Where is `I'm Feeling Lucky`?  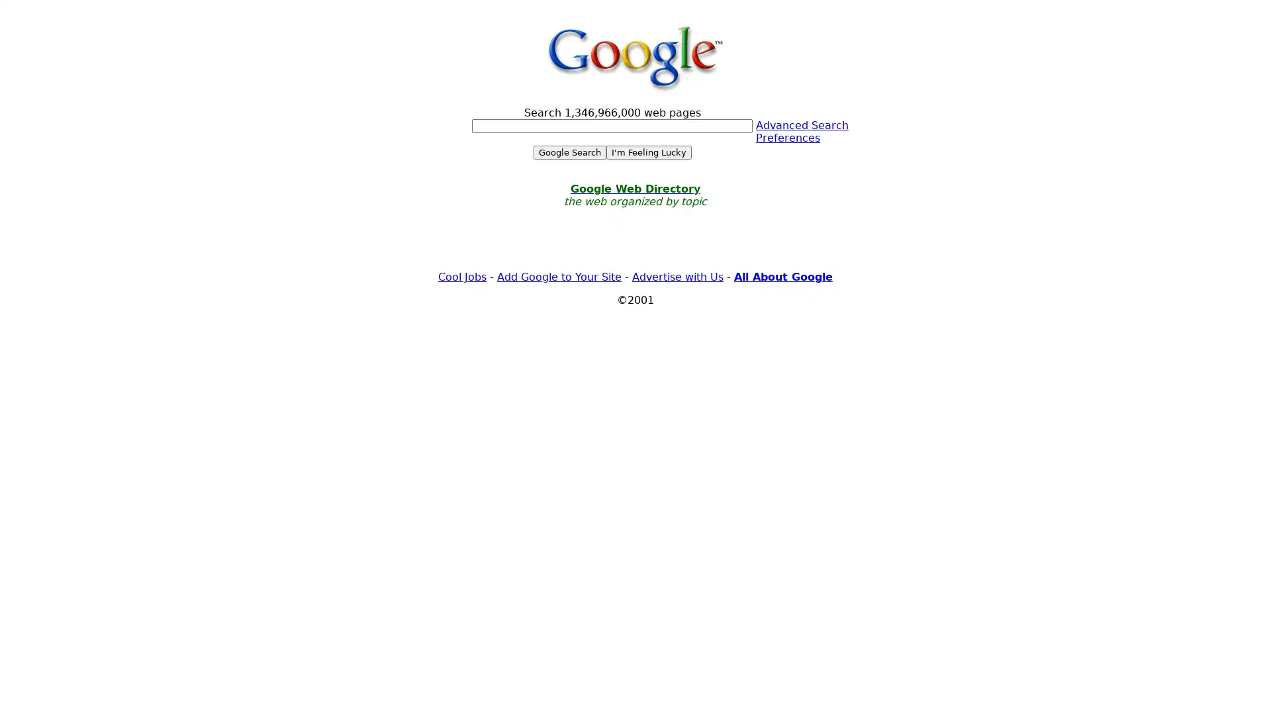 I'm Feeling Lucky is located at coordinates (648, 152).